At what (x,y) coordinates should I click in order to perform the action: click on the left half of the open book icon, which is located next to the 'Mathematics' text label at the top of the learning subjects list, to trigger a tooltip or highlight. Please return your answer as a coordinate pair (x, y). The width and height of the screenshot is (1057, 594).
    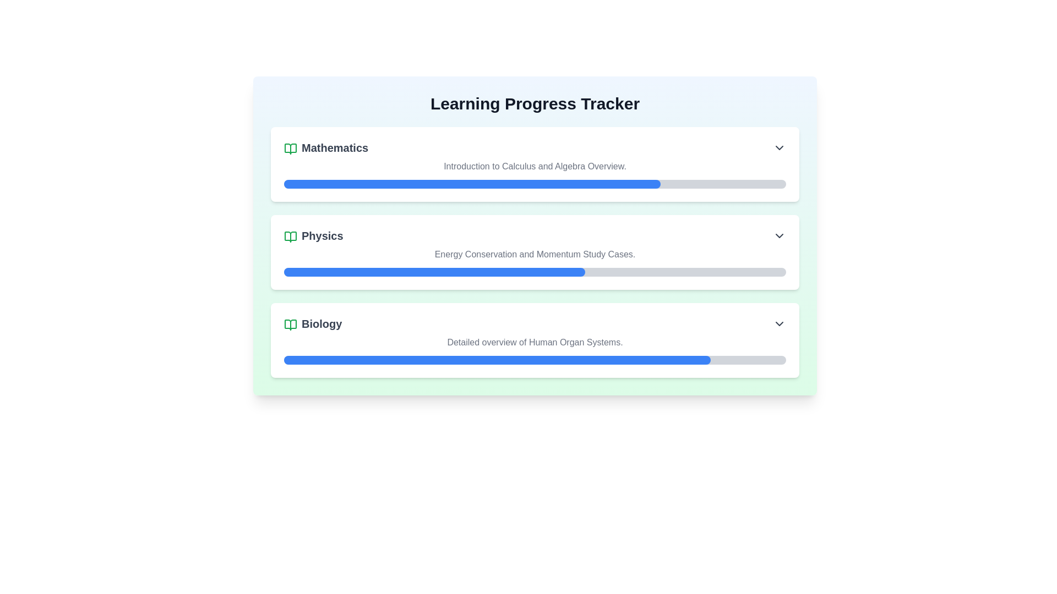
    Looking at the image, I should click on (291, 148).